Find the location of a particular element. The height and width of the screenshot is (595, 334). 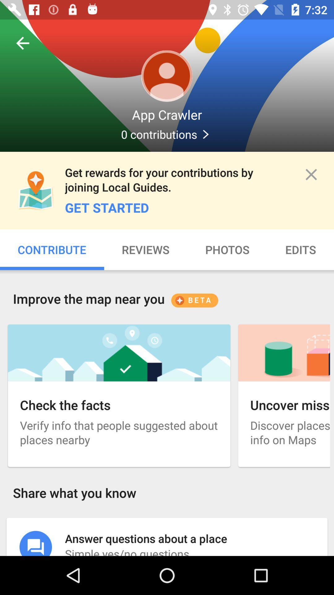

app to the right of get rewards for item is located at coordinates (311, 174).